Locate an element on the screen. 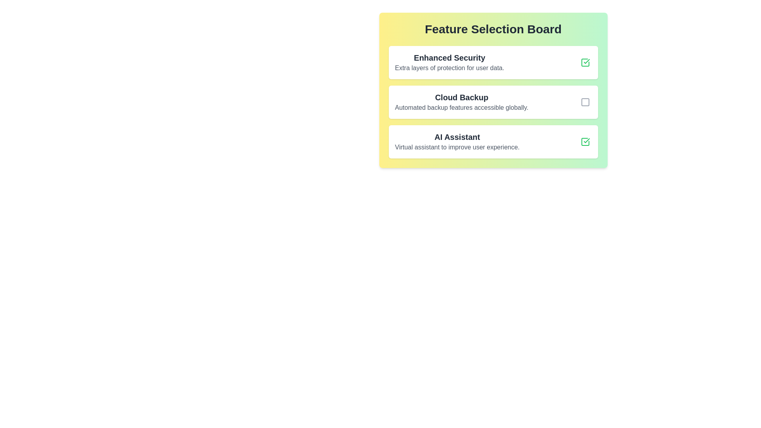  the text label displaying 'Cloud Backup', which is styled with a bold and large font in dark gray, located in the second section of the feature selection list is located at coordinates (461, 97).